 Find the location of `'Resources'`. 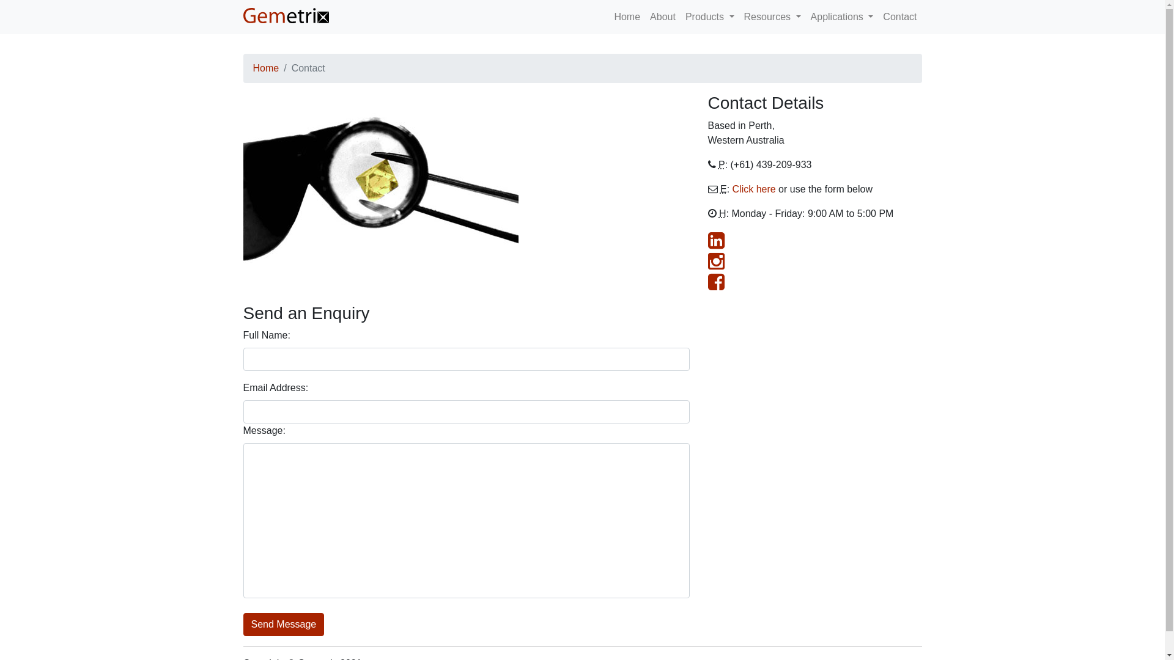

'Resources' is located at coordinates (739, 16).